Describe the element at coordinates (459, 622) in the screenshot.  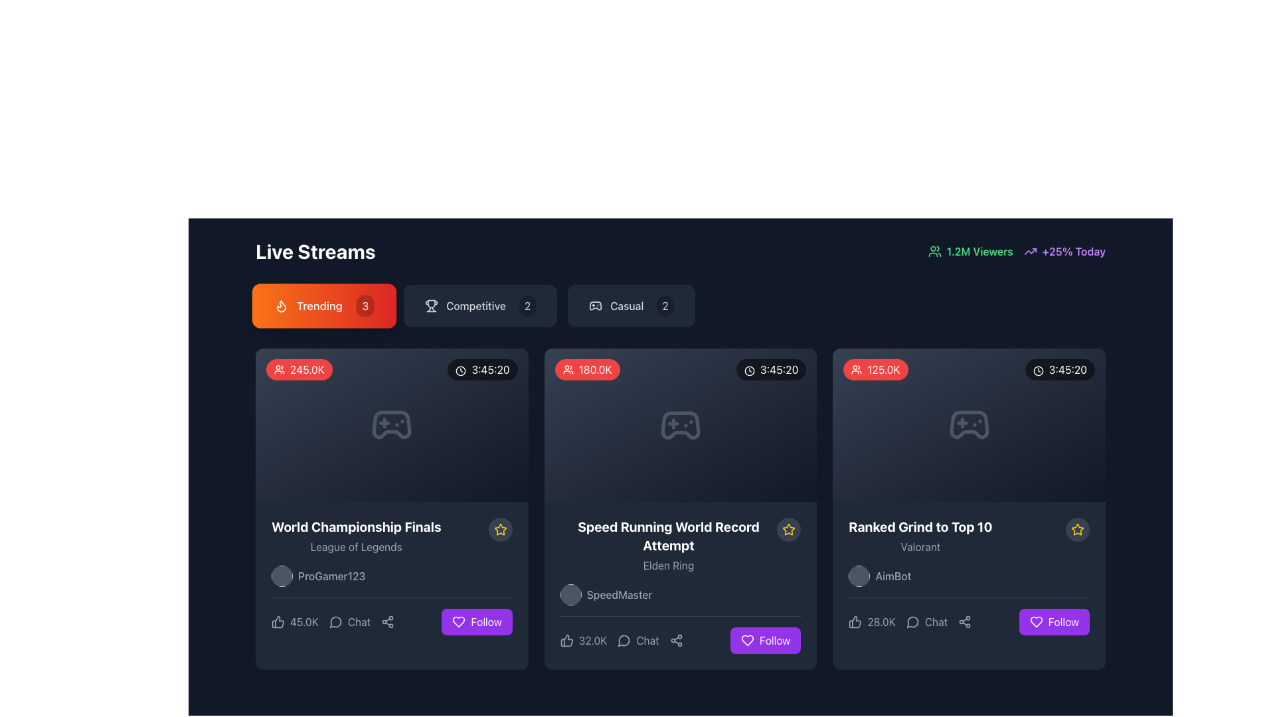
I see `the heart-shaped icon with a purple fill and white outline, located above the 'Follow' button in the bottom-right section of the card presenting live stream details` at that location.